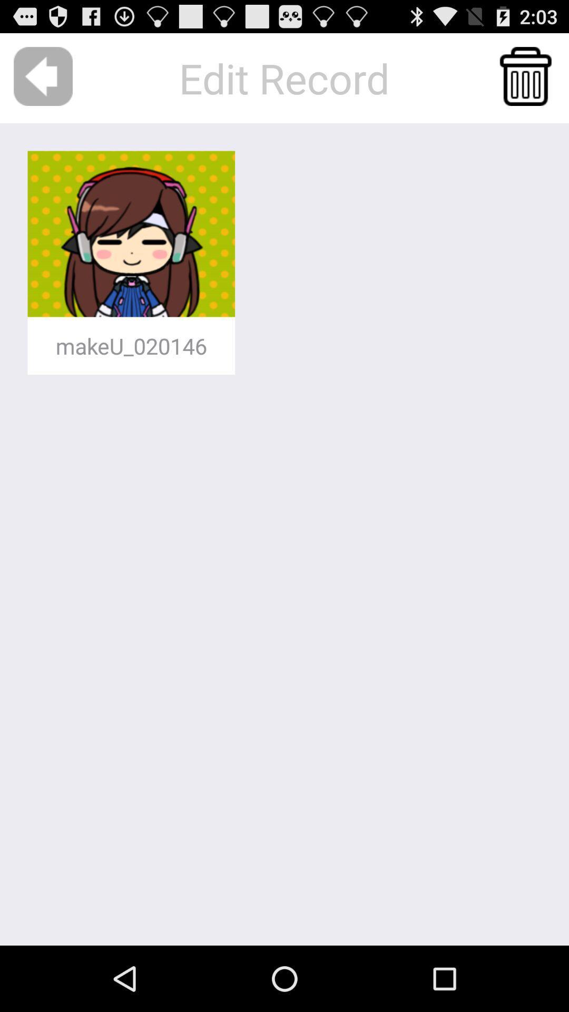 Image resolution: width=569 pixels, height=1012 pixels. Describe the element at coordinates (43, 76) in the screenshot. I see `icon to the left of edit record app` at that location.